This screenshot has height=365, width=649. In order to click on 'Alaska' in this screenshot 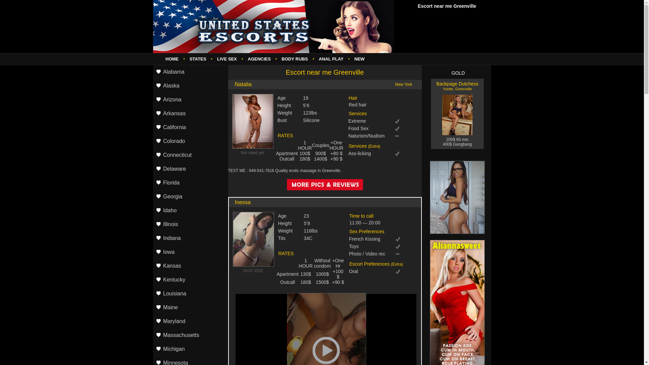, I will do `click(152, 86)`.